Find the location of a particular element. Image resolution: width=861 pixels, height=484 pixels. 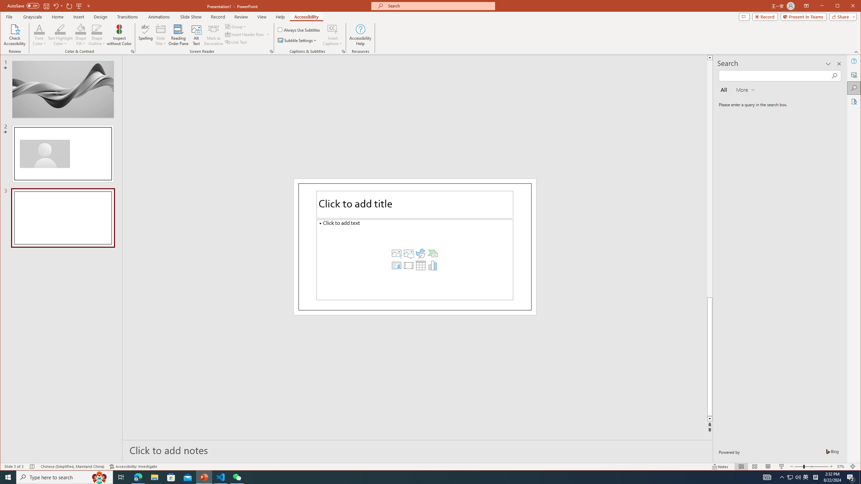

'Shape Outline Blue, Accent 1' is located at coordinates (97, 29).